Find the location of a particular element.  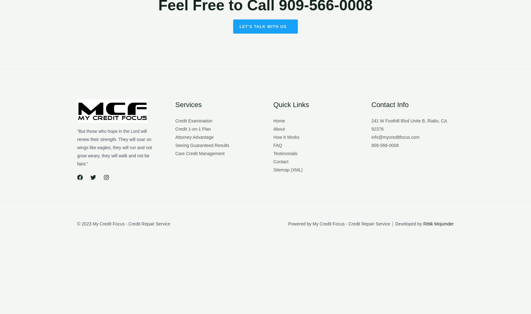

'Contact Info' is located at coordinates (371, 104).